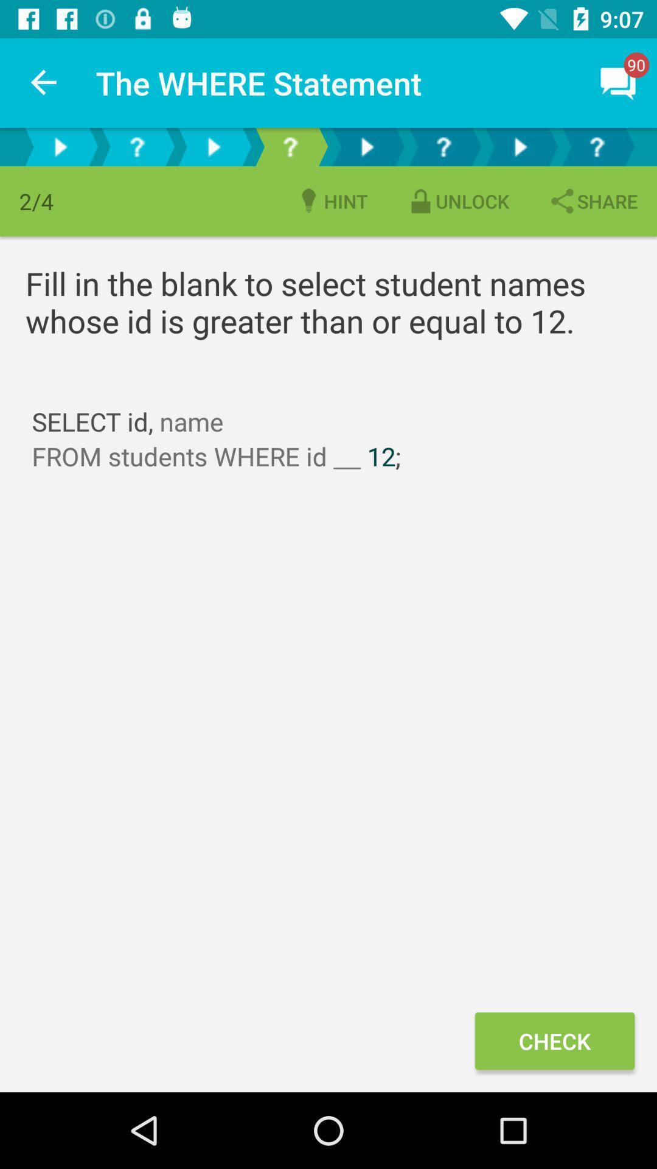 The image size is (657, 1169). What do you see at coordinates (596, 146) in the screenshot?
I see `info` at bounding box center [596, 146].